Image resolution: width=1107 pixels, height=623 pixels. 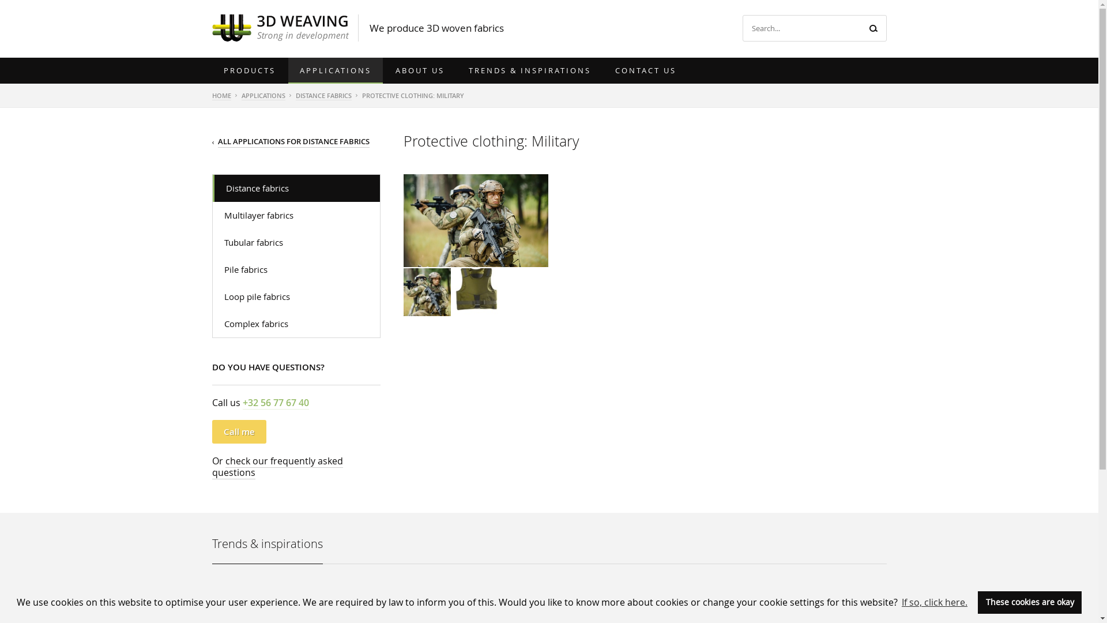 I want to click on 'CONTACT US', so click(x=644, y=70).